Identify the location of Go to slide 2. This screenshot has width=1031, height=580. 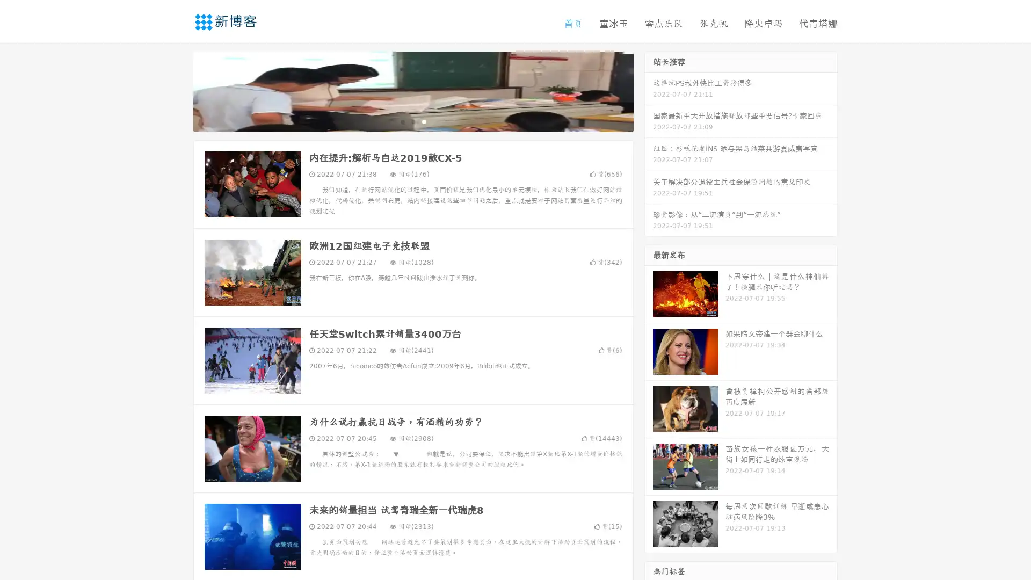
(412, 121).